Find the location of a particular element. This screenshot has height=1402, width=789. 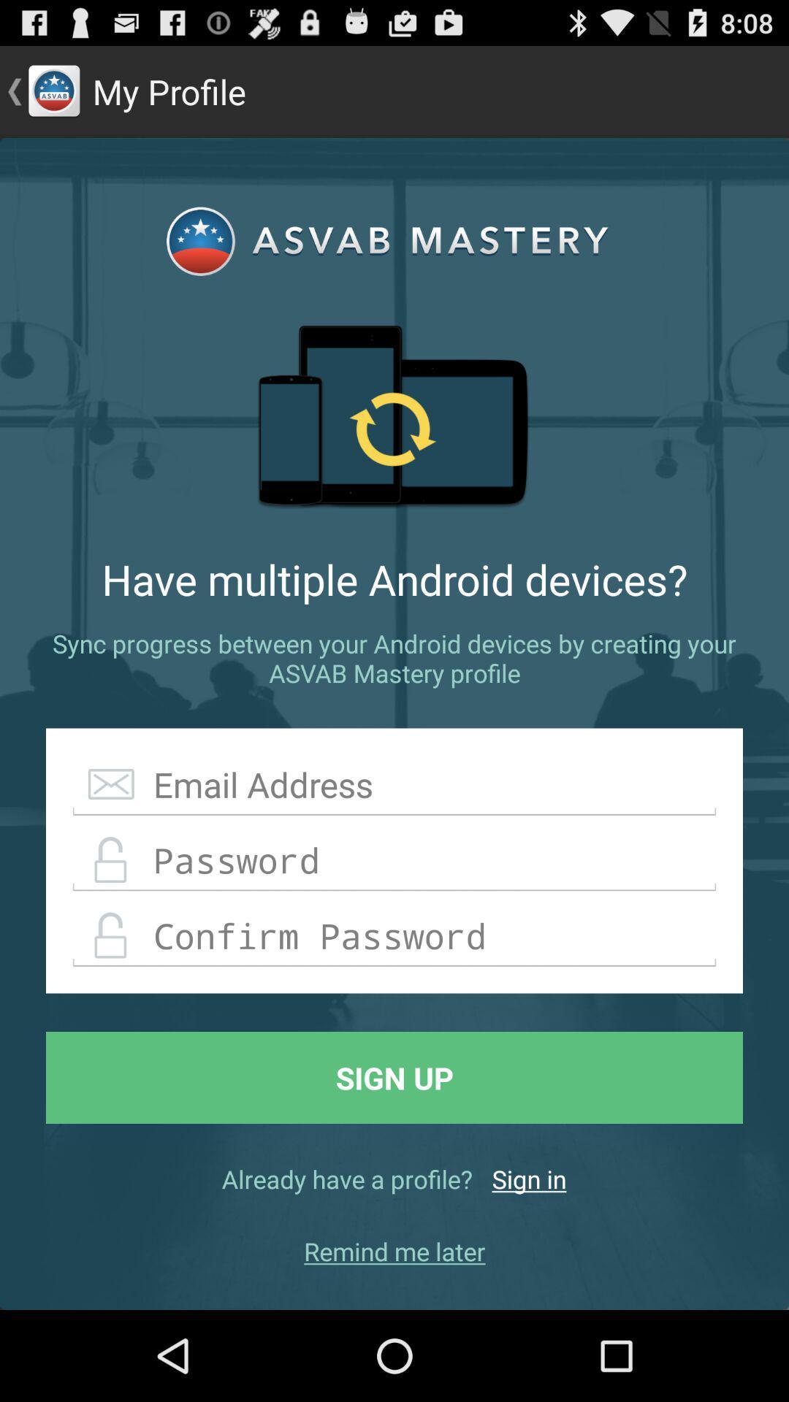

the item to the right of already have a app is located at coordinates (529, 1179).